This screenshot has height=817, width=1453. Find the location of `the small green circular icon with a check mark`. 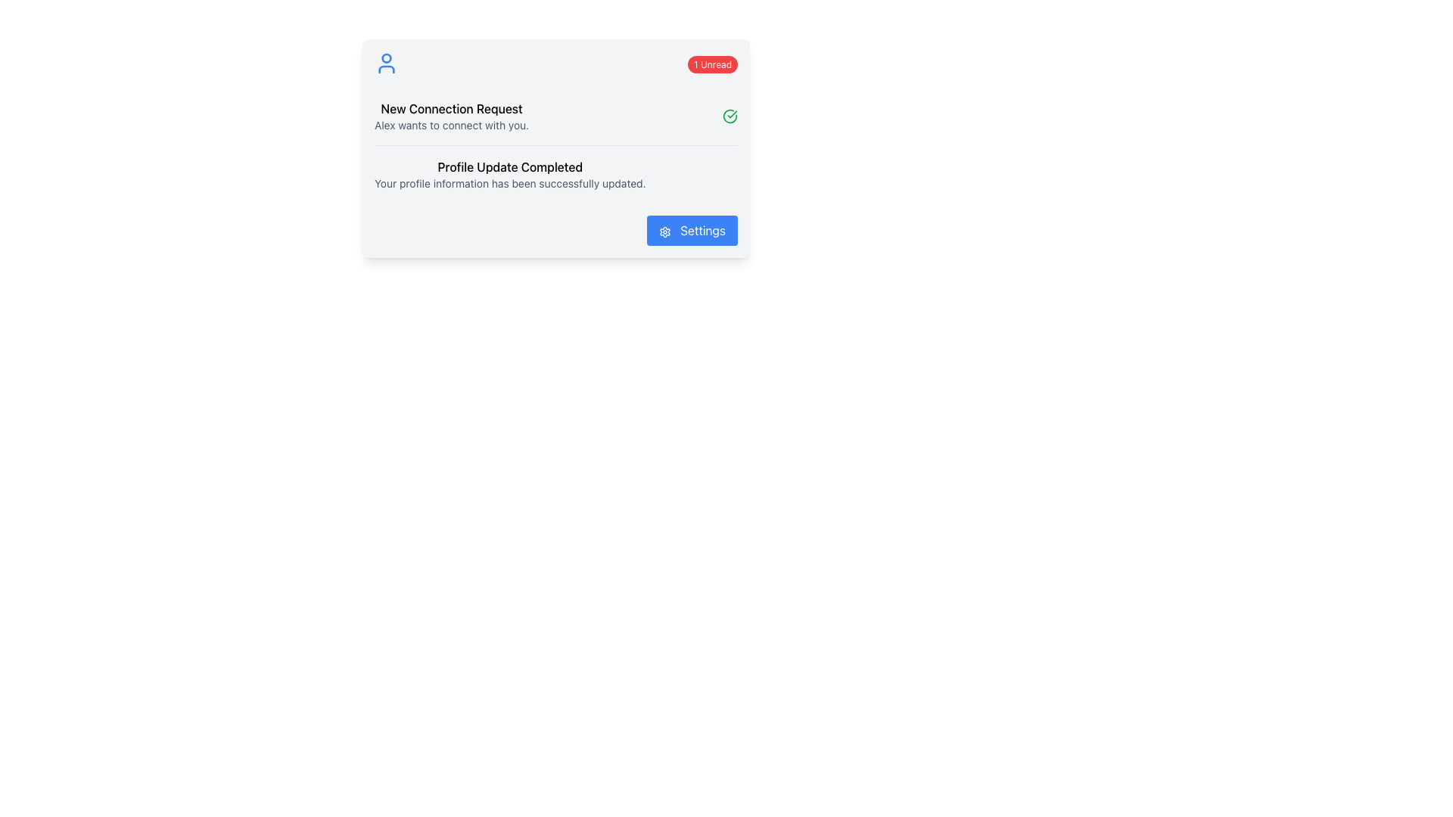

the small green circular icon with a check mark is located at coordinates (730, 116).